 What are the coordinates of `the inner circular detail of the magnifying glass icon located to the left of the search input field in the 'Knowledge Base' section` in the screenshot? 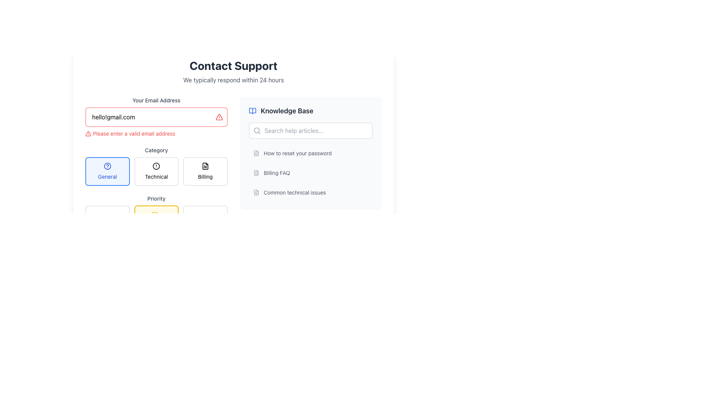 It's located at (256, 130).